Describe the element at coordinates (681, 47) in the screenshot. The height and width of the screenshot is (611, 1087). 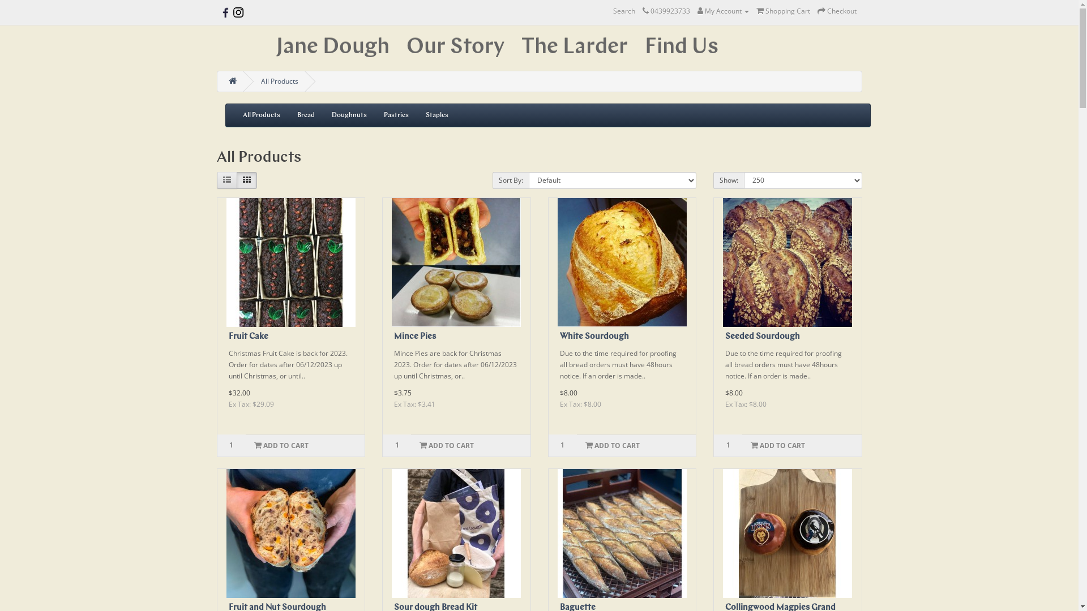
I see `'Find Us'` at that location.